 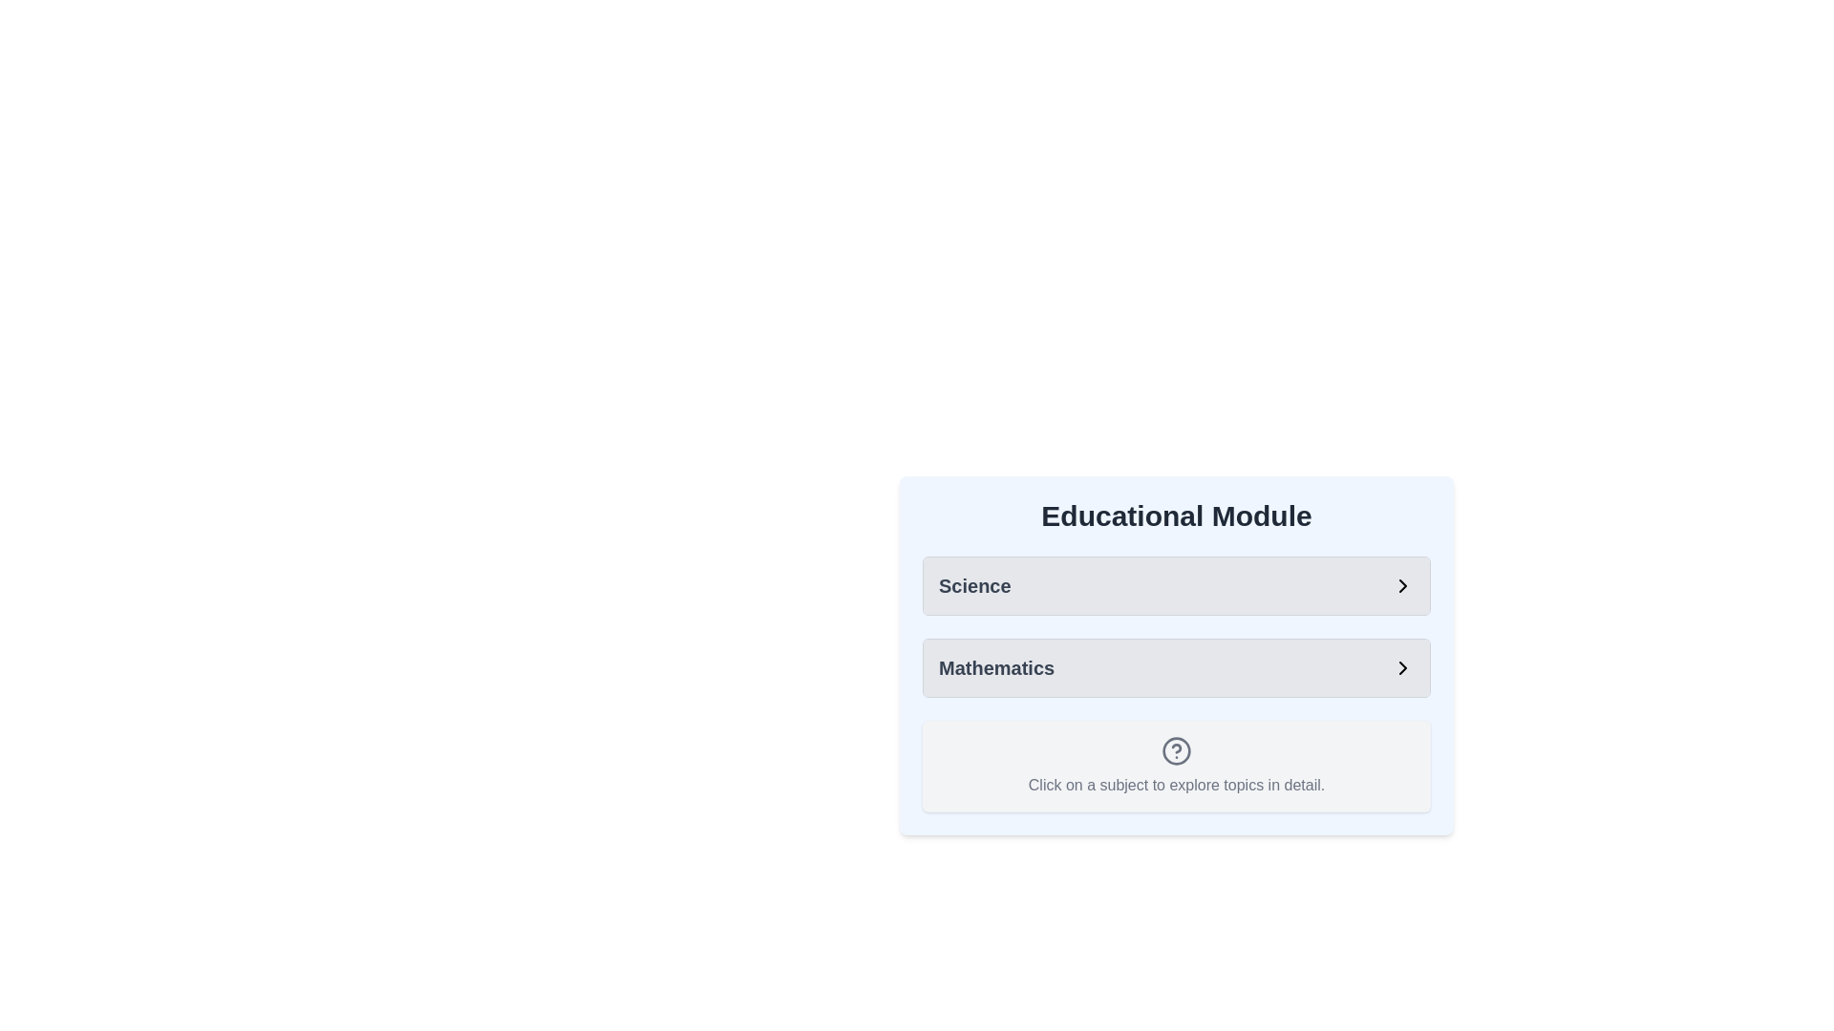 I want to click on the List item labeled 'Mathematics' in the 'Educational Module' panel, so click(x=1176, y=666).